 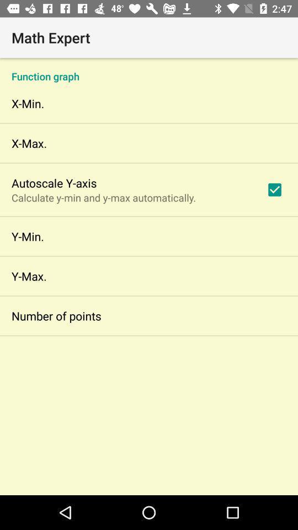 What do you see at coordinates (54, 183) in the screenshot?
I see `the item above the calculate y min icon` at bounding box center [54, 183].